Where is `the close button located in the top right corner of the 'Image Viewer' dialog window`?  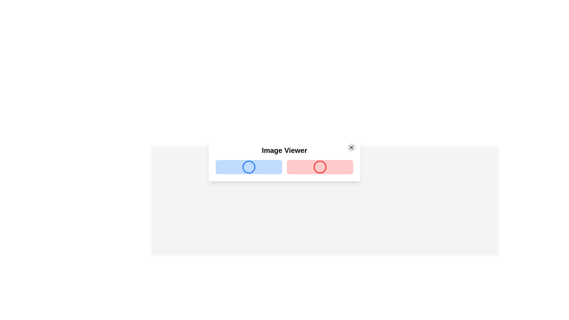 the close button located in the top right corner of the 'Image Viewer' dialog window is located at coordinates (351, 147).